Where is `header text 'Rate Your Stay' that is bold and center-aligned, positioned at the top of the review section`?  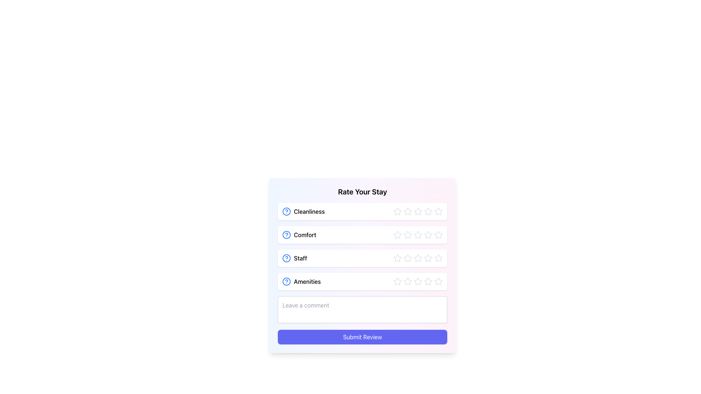 header text 'Rate Your Stay' that is bold and center-aligned, positioned at the top of the review section is located at coordinates (363, 191).